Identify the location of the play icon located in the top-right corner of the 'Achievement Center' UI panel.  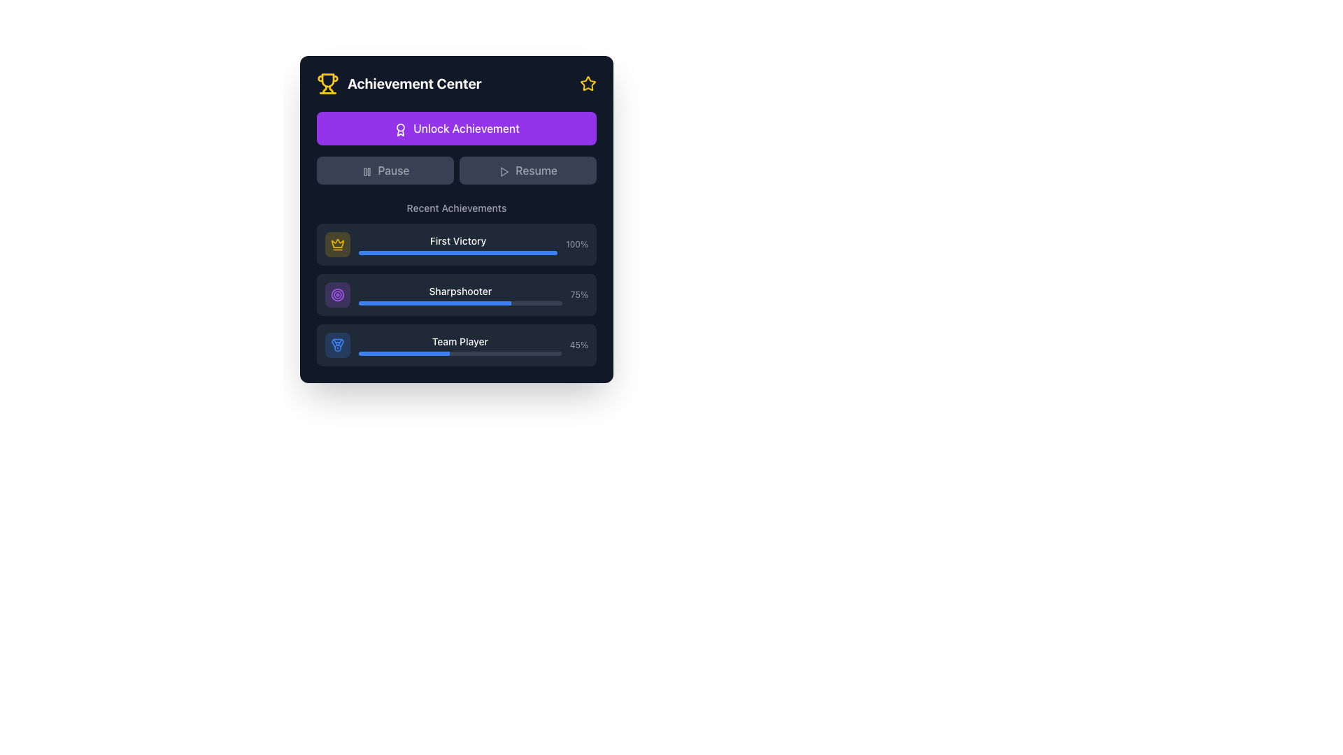
(504, 171).